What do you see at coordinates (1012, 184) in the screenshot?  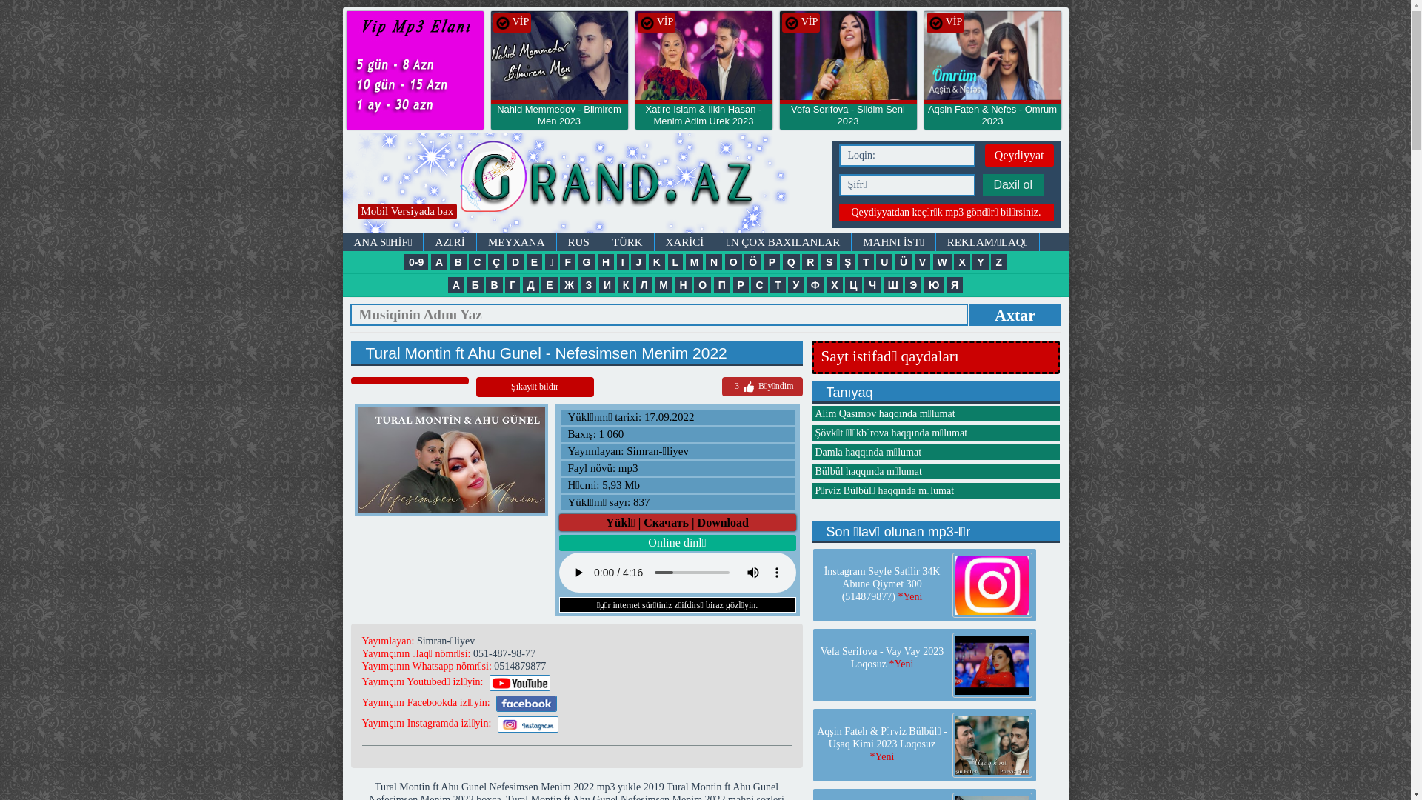 I see `'Daxil ol'` at bounding box center [1012, 184].